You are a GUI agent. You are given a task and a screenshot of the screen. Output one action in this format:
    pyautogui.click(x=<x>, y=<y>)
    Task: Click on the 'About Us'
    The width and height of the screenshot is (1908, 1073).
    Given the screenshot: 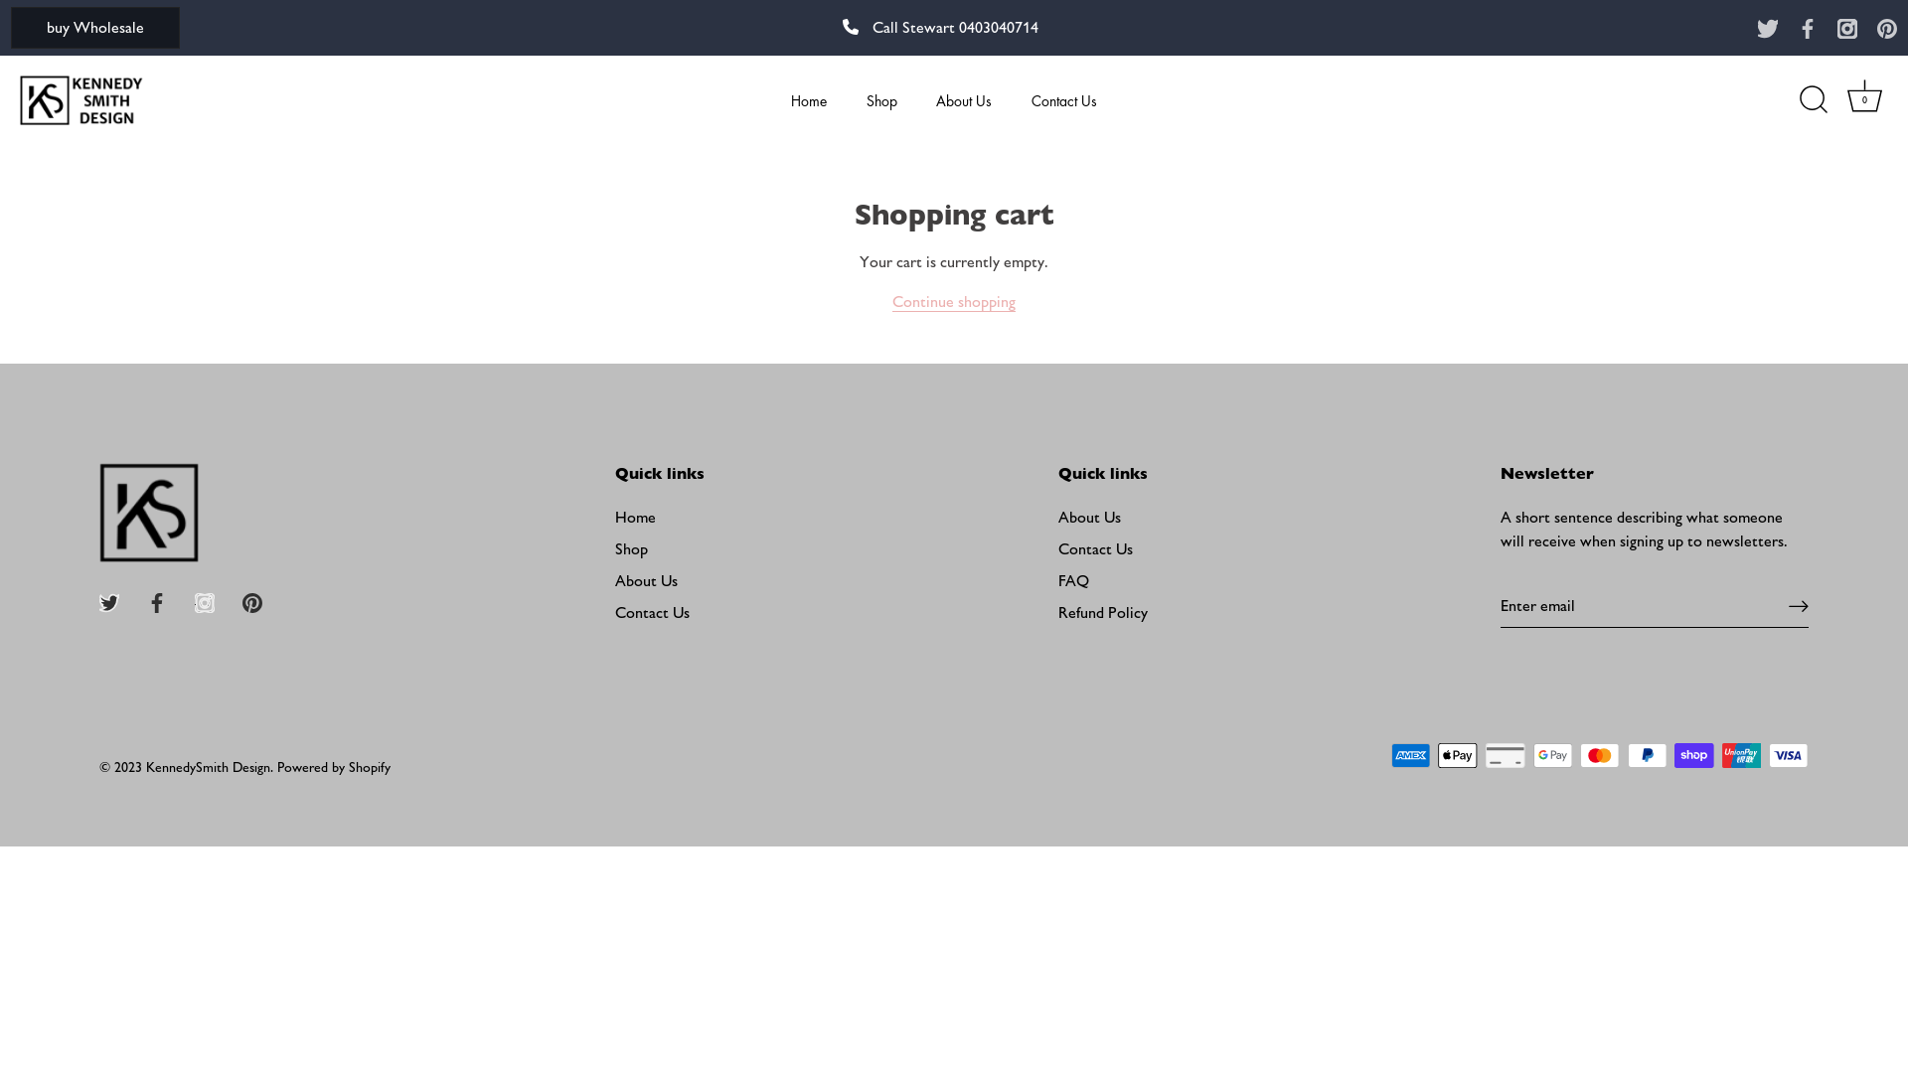 What is the action you would take?
    pyautogui.click(x=646, y=580)
    